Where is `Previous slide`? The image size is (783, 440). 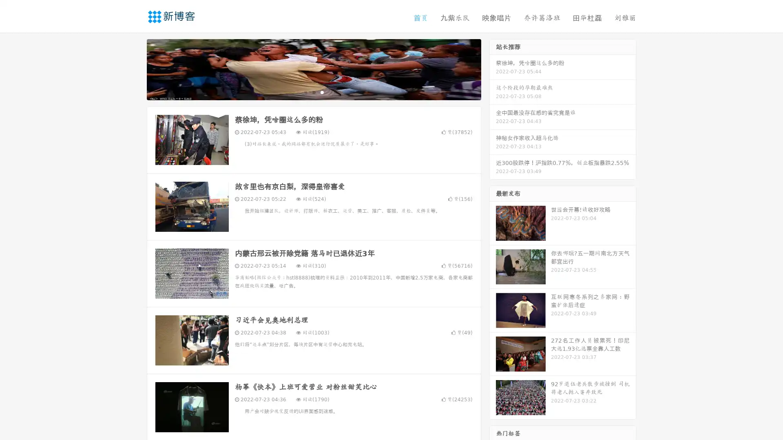 Previous slide is located at coordinates (135, 68).